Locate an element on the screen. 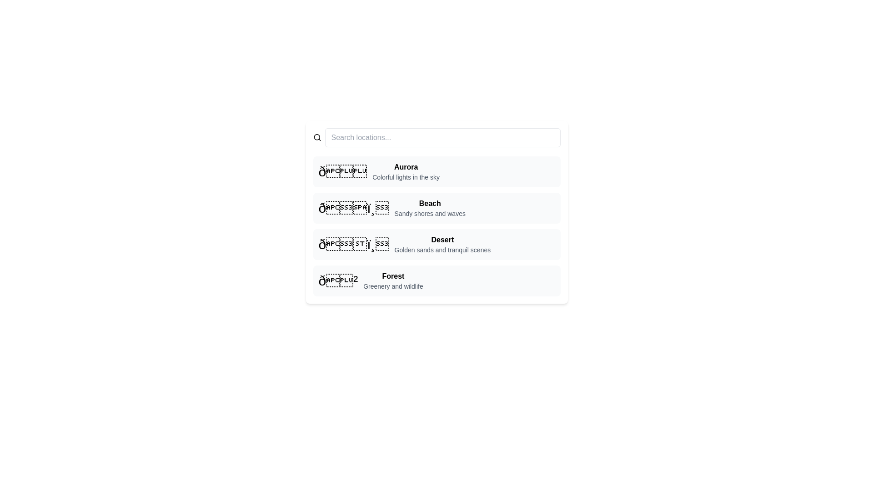 The width and height of the screenshot is (873, 491). the first selectable list item in the vertical stack is located at coordinates (436, 172).